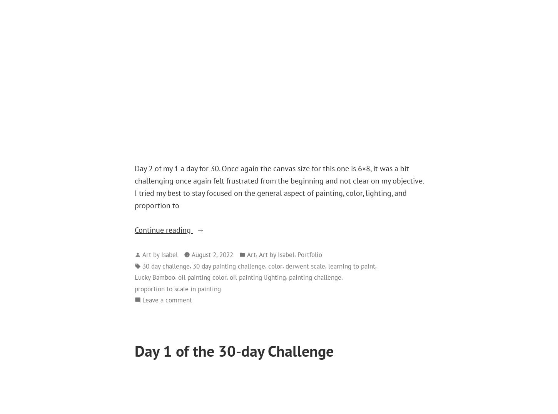 The height and width of the screenshot is (414, 558). I want to click on 'Day 1 of the 30-day Challenge', so click(135, 351).